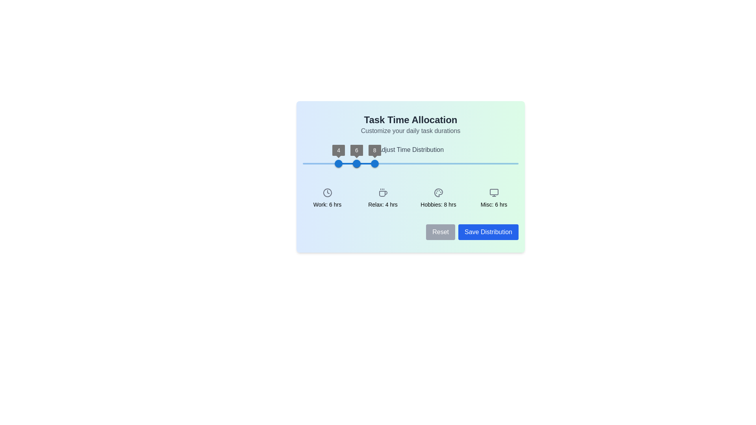  Describe the element at coordinates (327, 198) in the screenshot. I see `the information display component containing a clock icon and the text 'Work: 6 hrs.' which is located in the first column of a grid structure near the bottom-left of the interface` at that location.